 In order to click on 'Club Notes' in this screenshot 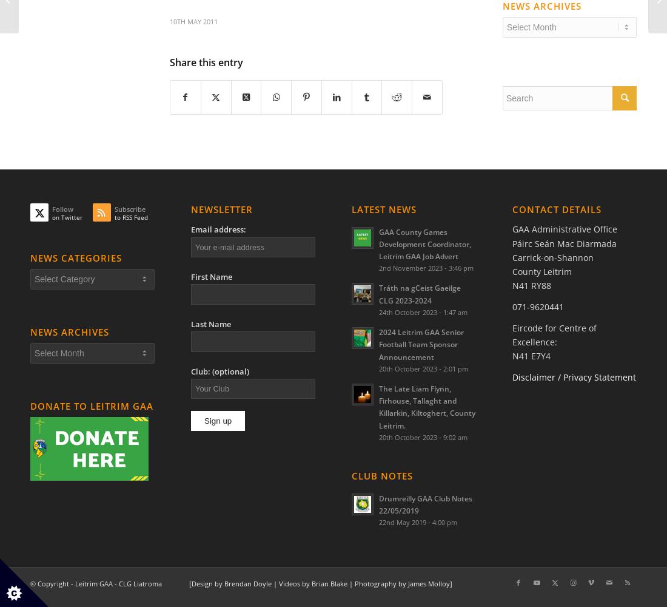, I will do `click(382, 476)`.